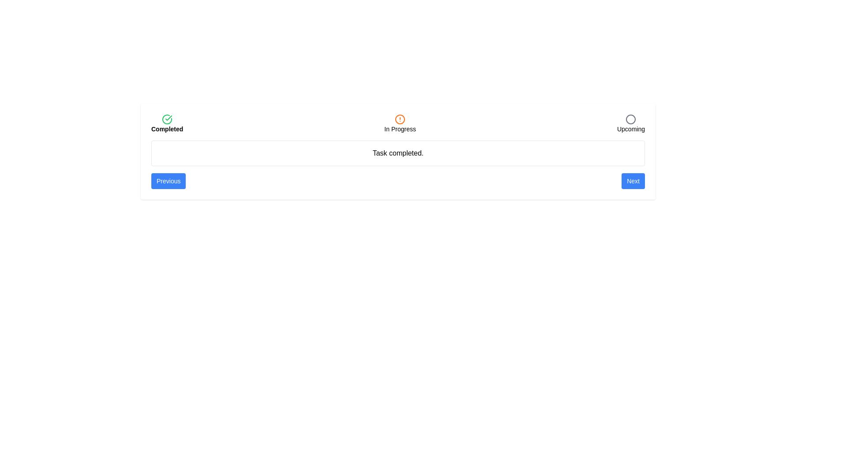 This screenshot has width=847, height=476. Describe the element at coordinates (633, 181) in the screenshot. I see `the 'Next' button located at the rightmost position among two buttons in the navigation flow to proceed to the next page` at that location.